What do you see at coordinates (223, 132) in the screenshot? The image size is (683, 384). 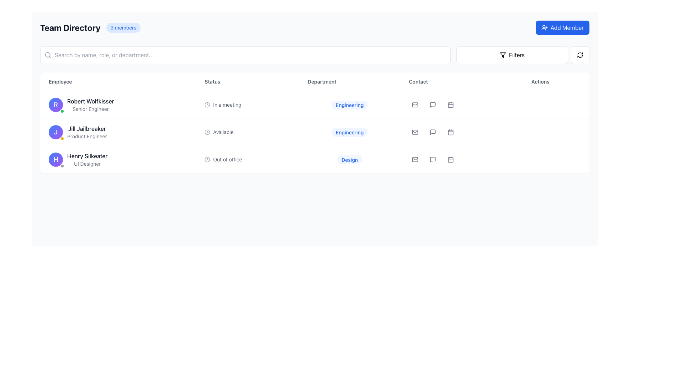 I see `the 'Available' text label in the 'Status' column of the second row within the table, which is styled in a small grey font and positioned next to a clock icon` at bounding box center [223, 132].